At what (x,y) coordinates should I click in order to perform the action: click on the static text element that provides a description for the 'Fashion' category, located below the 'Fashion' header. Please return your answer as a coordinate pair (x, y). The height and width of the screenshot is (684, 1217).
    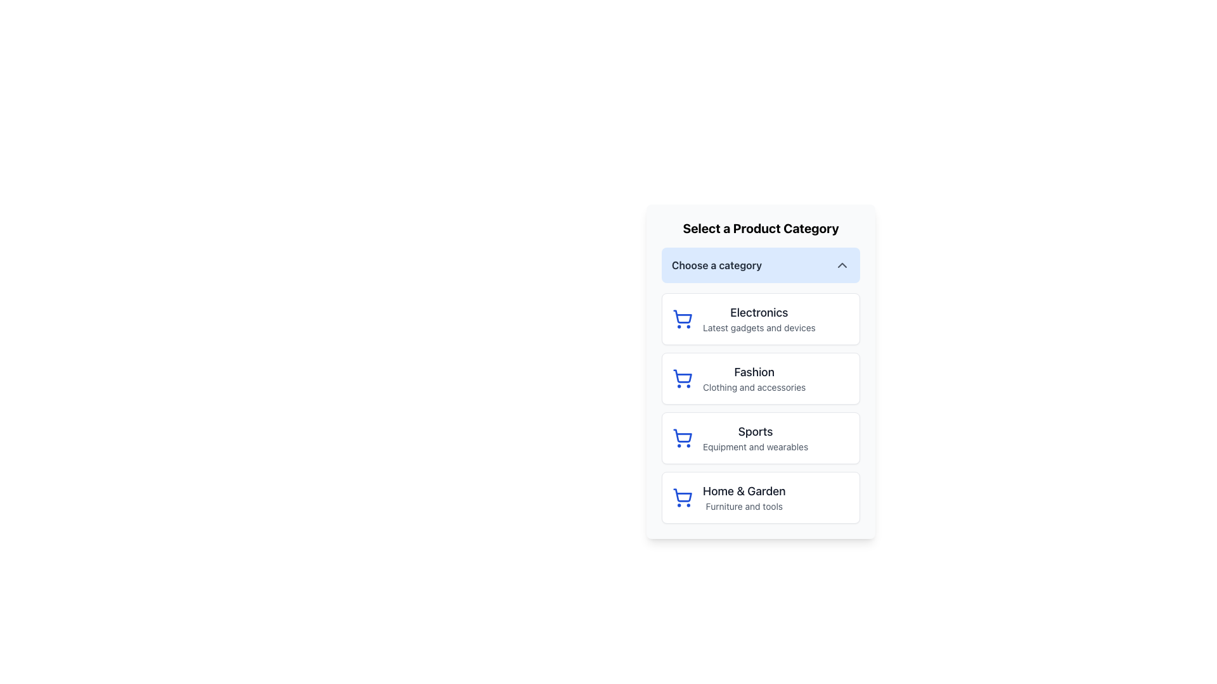
    Looking at the image, I should click on (754, 387).